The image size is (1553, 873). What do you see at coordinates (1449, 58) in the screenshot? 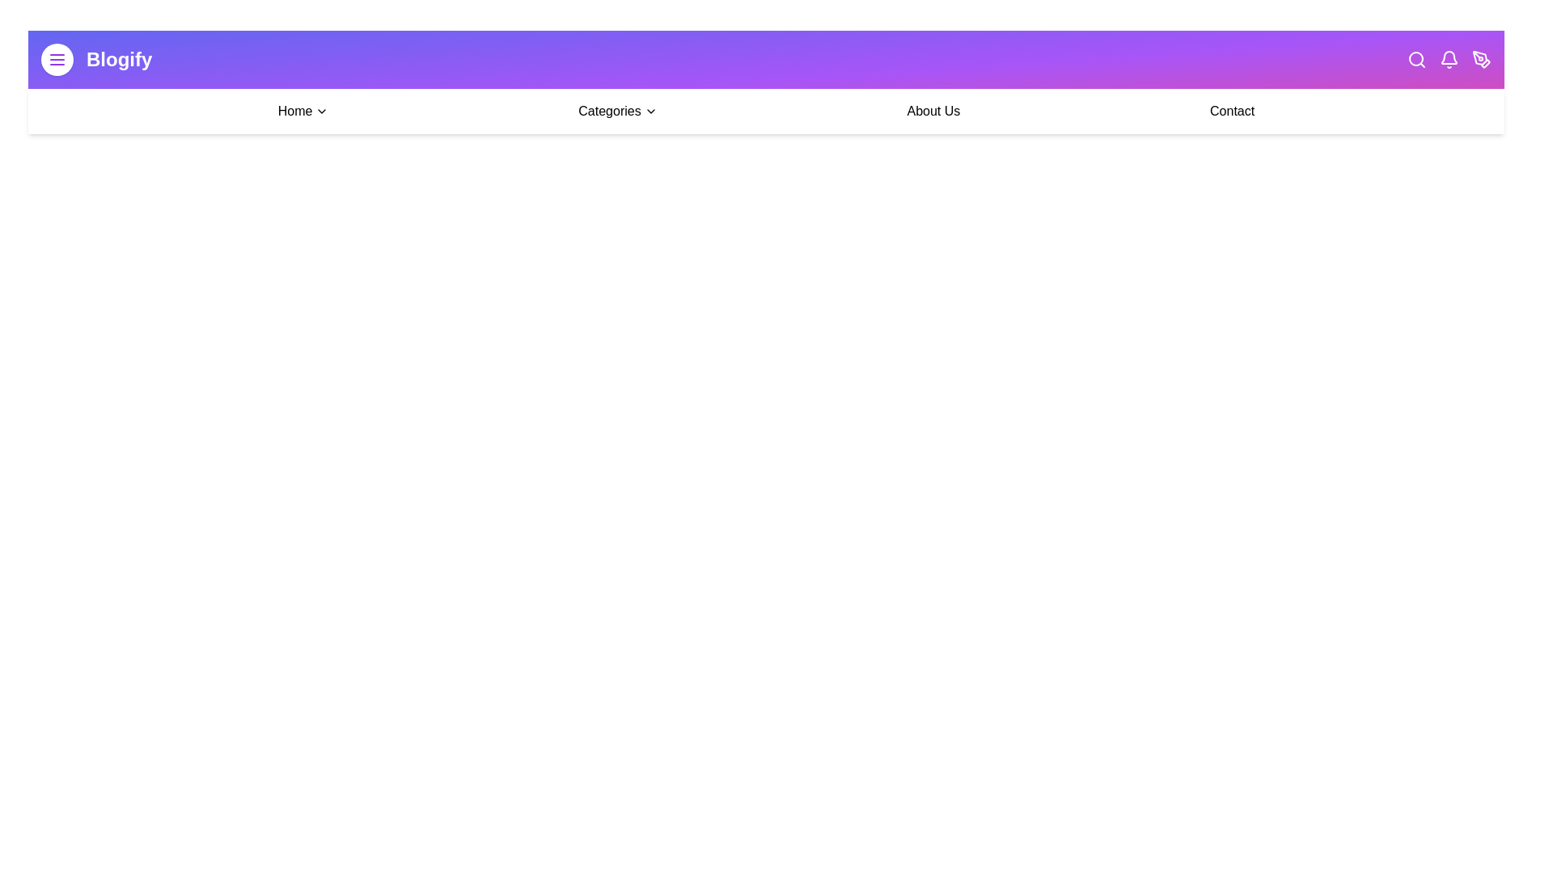
I see `the notification icon to view notifications` at bounding box center [1449, 58].